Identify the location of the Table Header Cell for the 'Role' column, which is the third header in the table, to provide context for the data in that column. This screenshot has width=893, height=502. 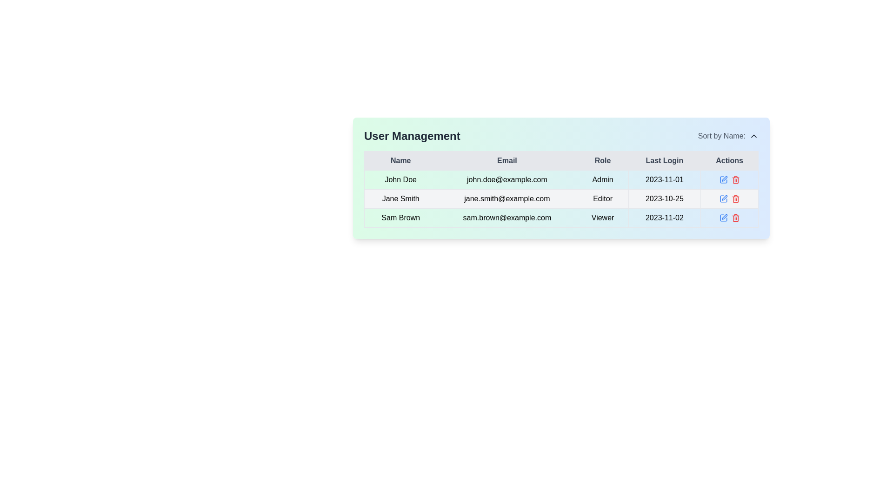
(603, 160).